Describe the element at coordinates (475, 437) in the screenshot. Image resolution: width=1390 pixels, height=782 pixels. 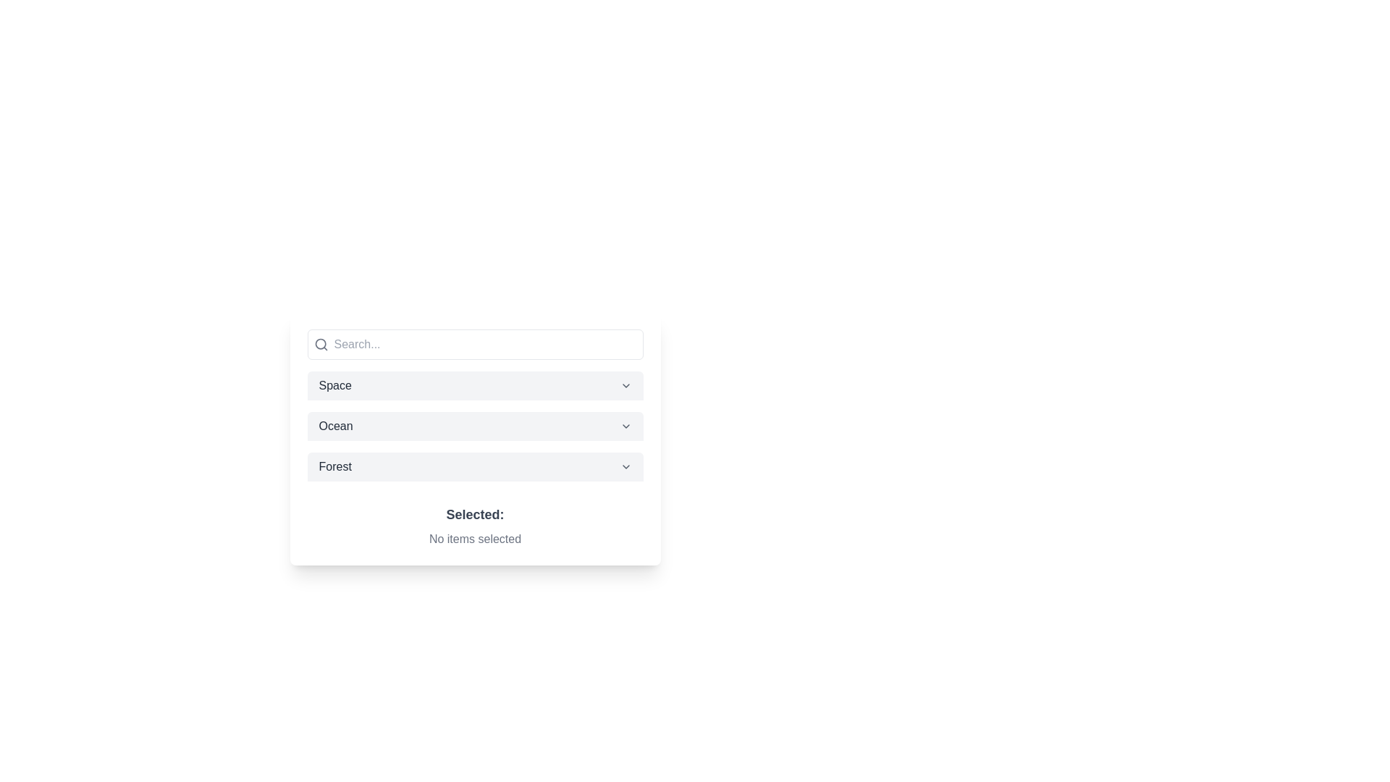
I see `the second dropdown menu labeled 'Ocean'` at that location.